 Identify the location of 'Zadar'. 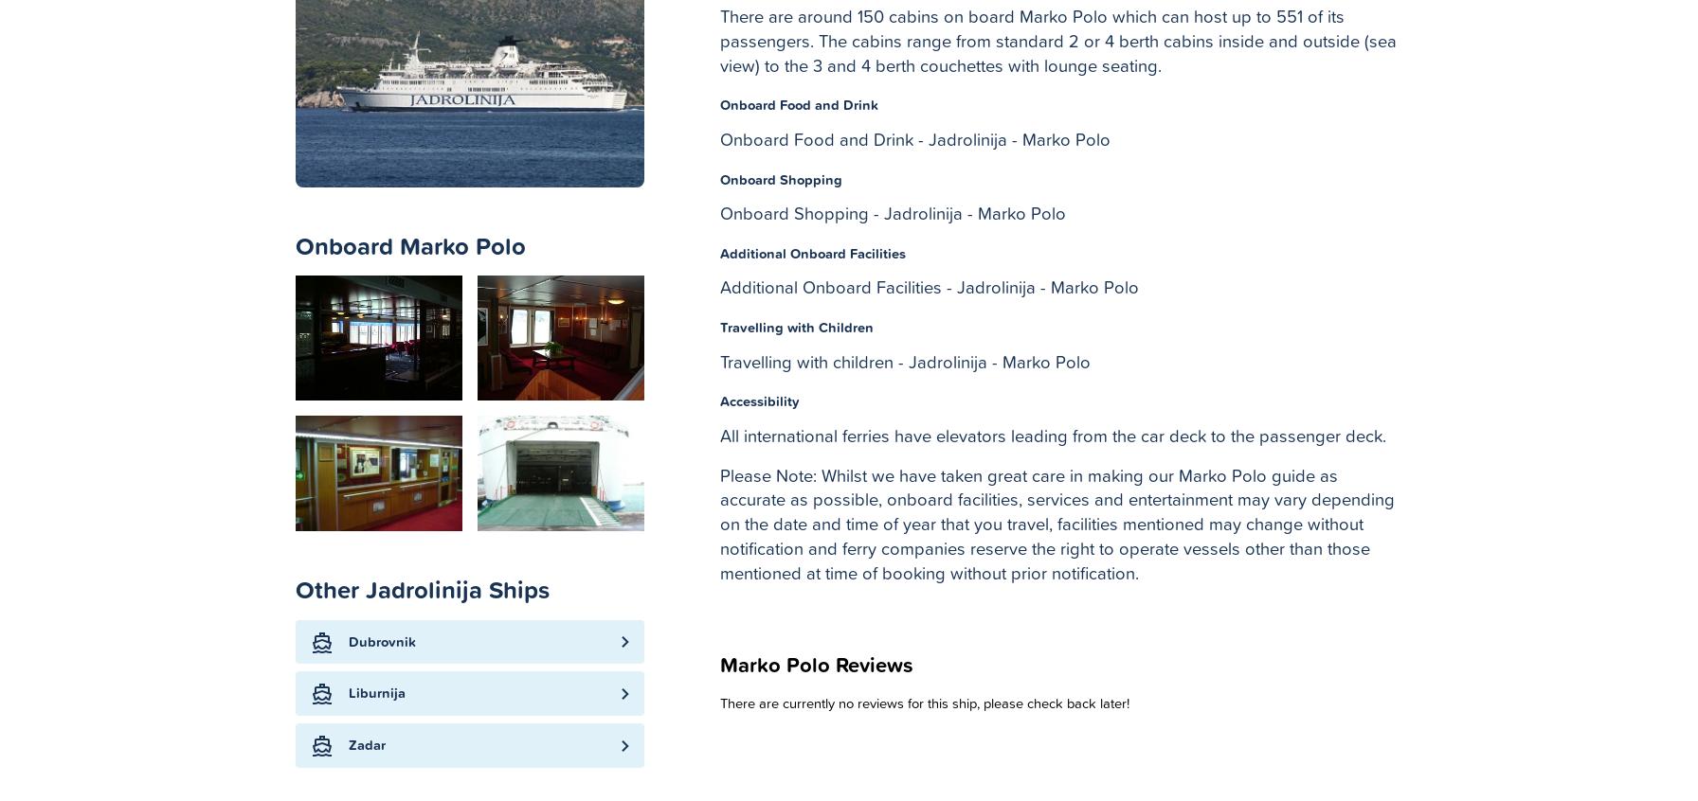
(367, 745).